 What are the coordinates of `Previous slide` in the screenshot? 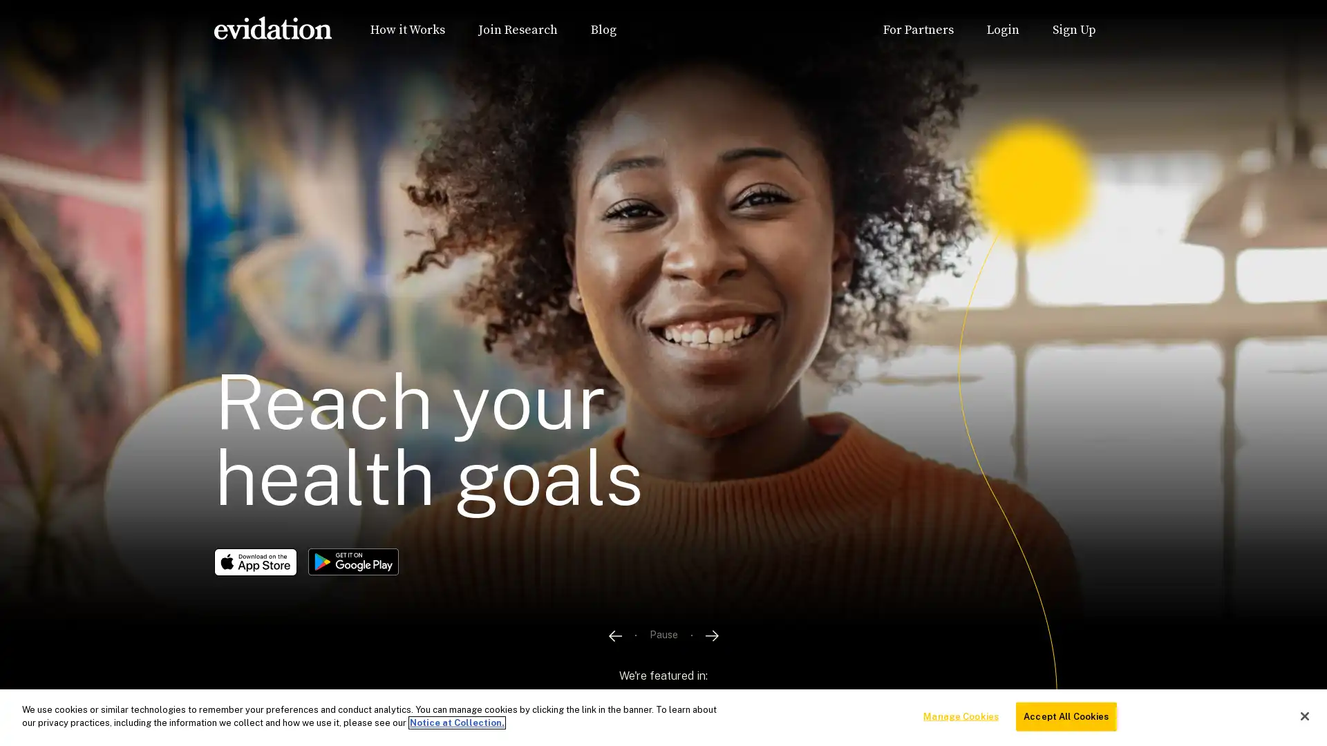 It's located at (613, 676).